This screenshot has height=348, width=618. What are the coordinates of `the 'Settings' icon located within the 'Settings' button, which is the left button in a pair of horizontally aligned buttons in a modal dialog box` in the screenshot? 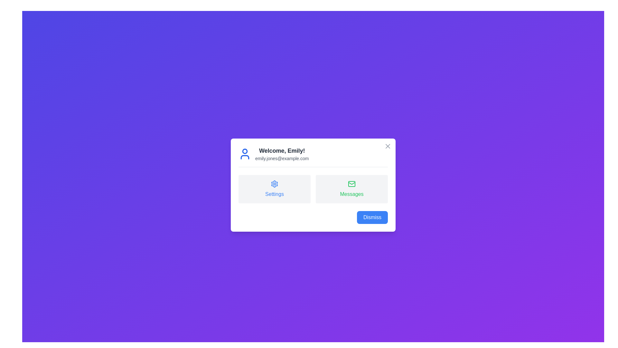 It's located at (275, 184).